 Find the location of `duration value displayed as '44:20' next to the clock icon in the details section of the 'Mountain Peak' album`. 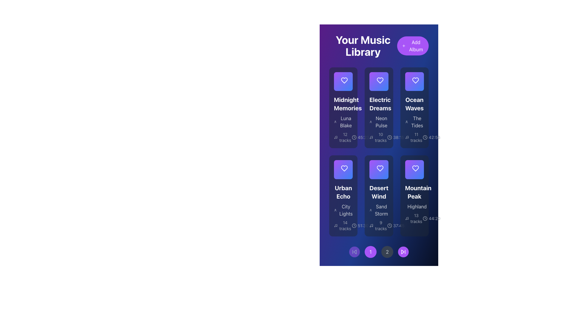

duration value displayed as '44:20' next to the clock icon in the details section of the 'Mountain Peak' album is located at coordinates (431, 218).